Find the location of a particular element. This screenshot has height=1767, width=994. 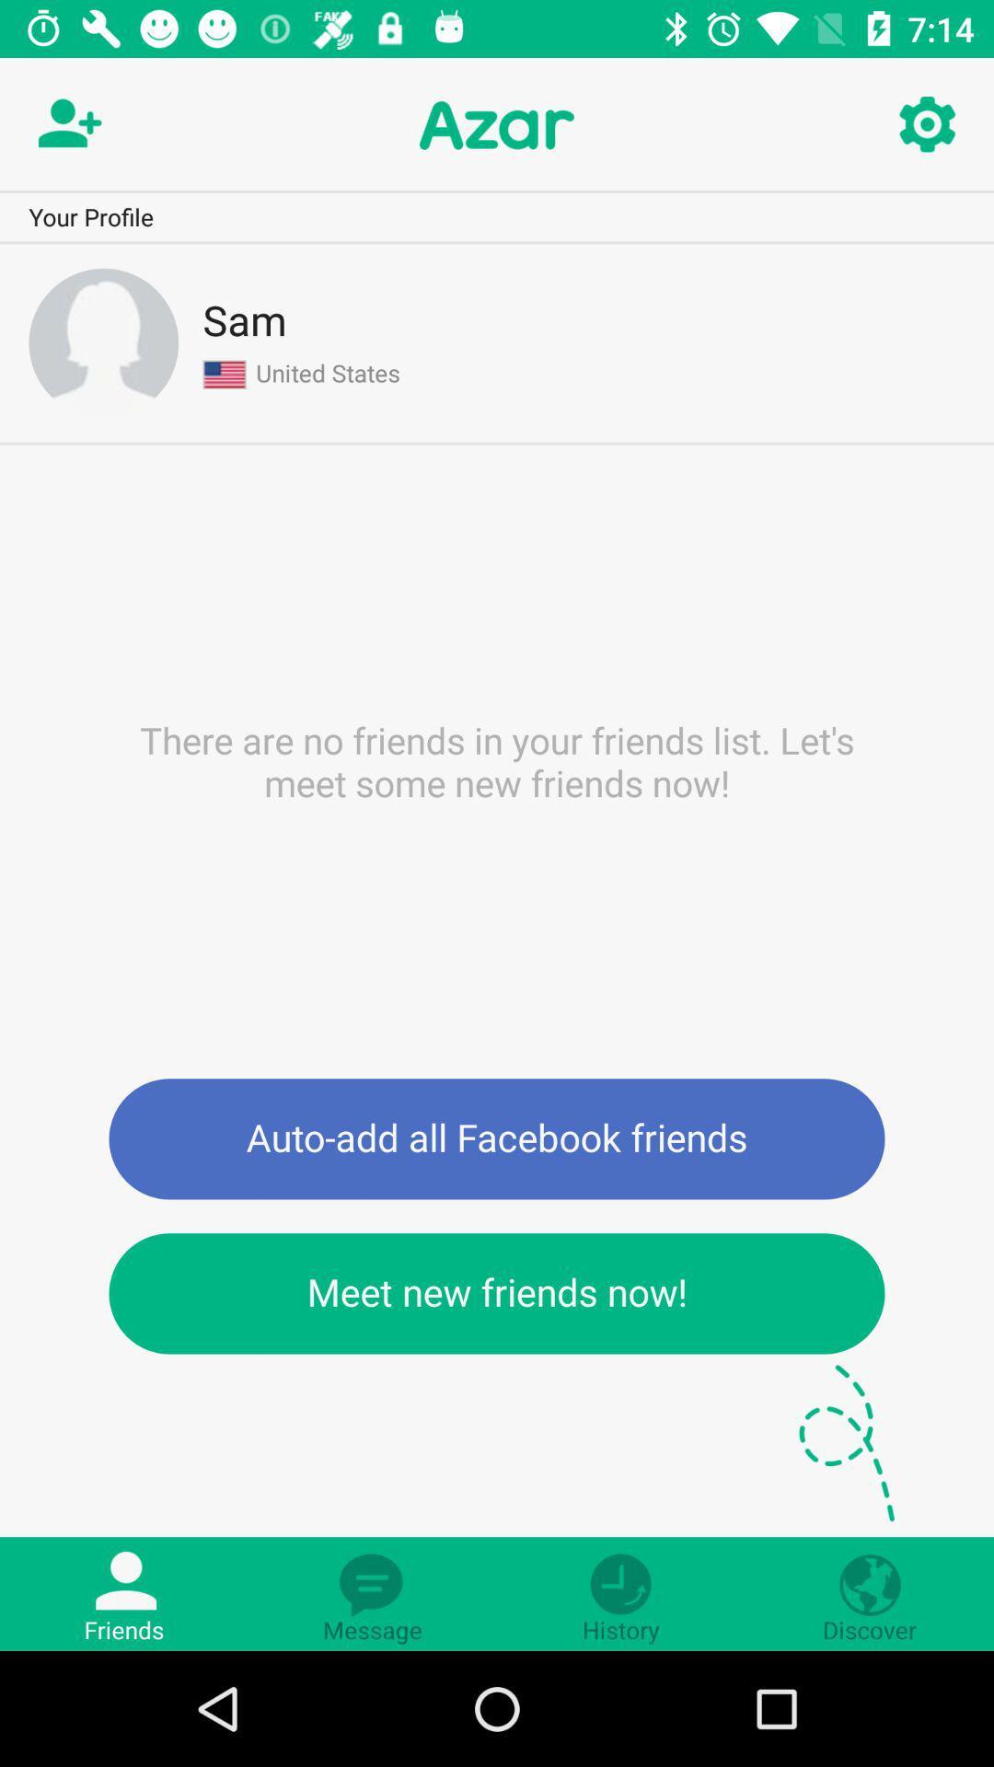

the settings icon is located at coordinates (926, 124).